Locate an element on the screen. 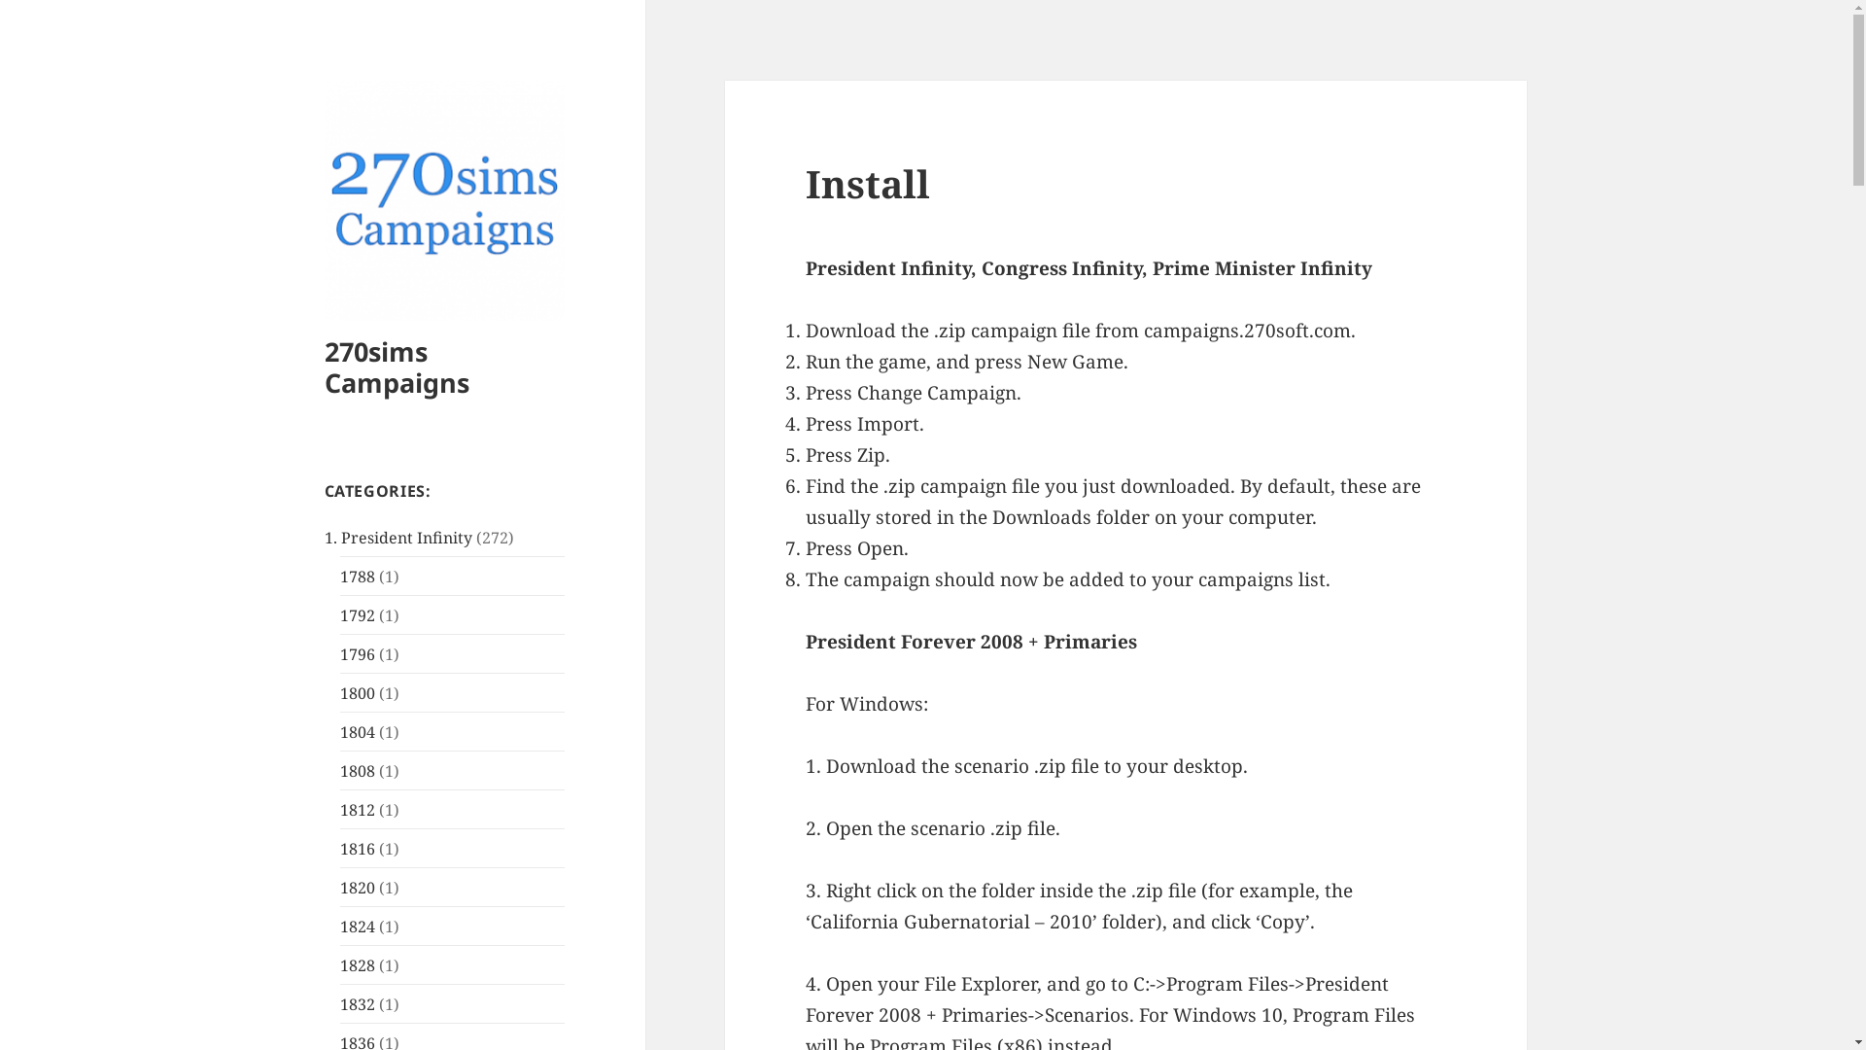  '1824' is located at coordinates (358, 925).